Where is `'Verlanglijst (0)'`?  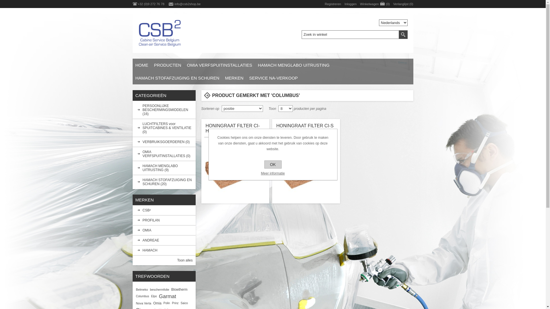 'Verlanglijst (0)' is located at coordinates (403, 4).